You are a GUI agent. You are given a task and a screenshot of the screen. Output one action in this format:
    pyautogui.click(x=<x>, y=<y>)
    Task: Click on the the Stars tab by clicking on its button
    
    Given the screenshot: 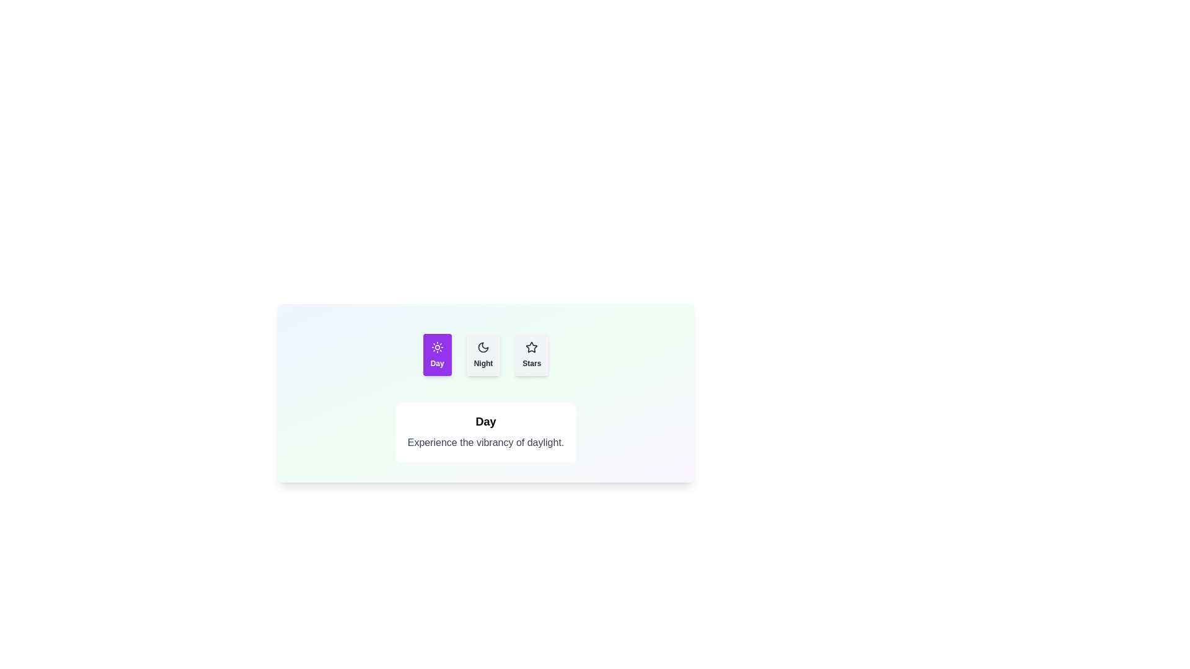 What is the action you would take?
    pyautogui.click(x=532, y=355)
    